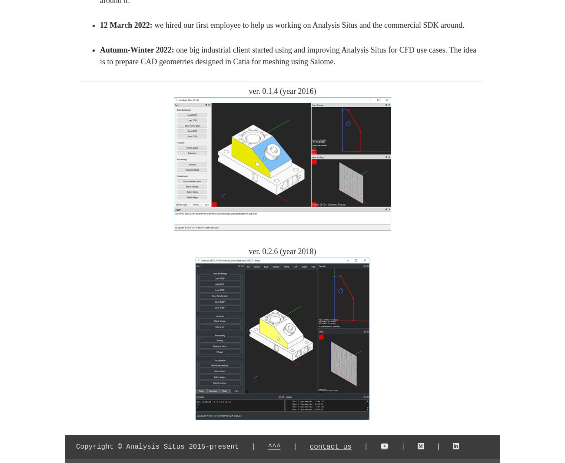  I want to click on '12 March 2022:', so click(99, 24).